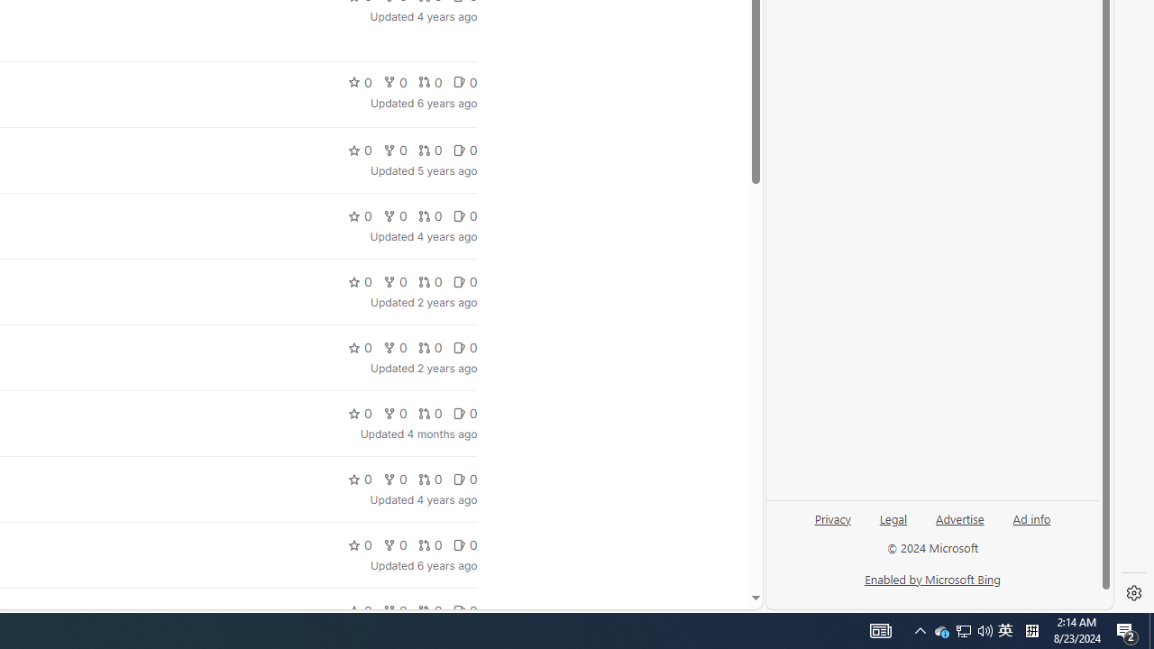 The width and height of the screenshot is (1154, 649). I want to click on 'Legal', so click(893, 517).